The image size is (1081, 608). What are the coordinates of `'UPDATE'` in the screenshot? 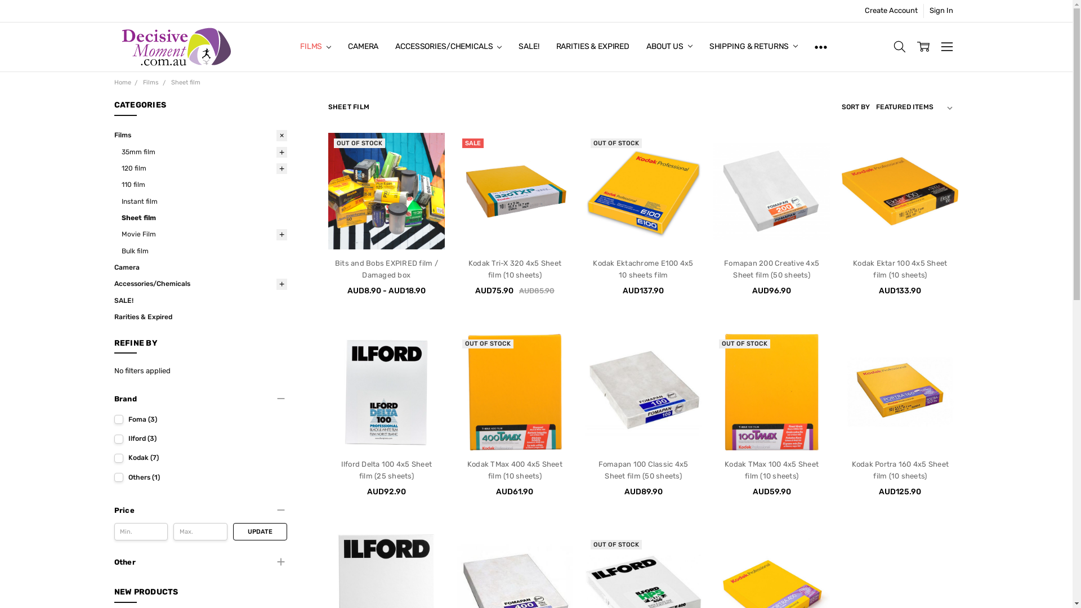 It's located at (259, 531).